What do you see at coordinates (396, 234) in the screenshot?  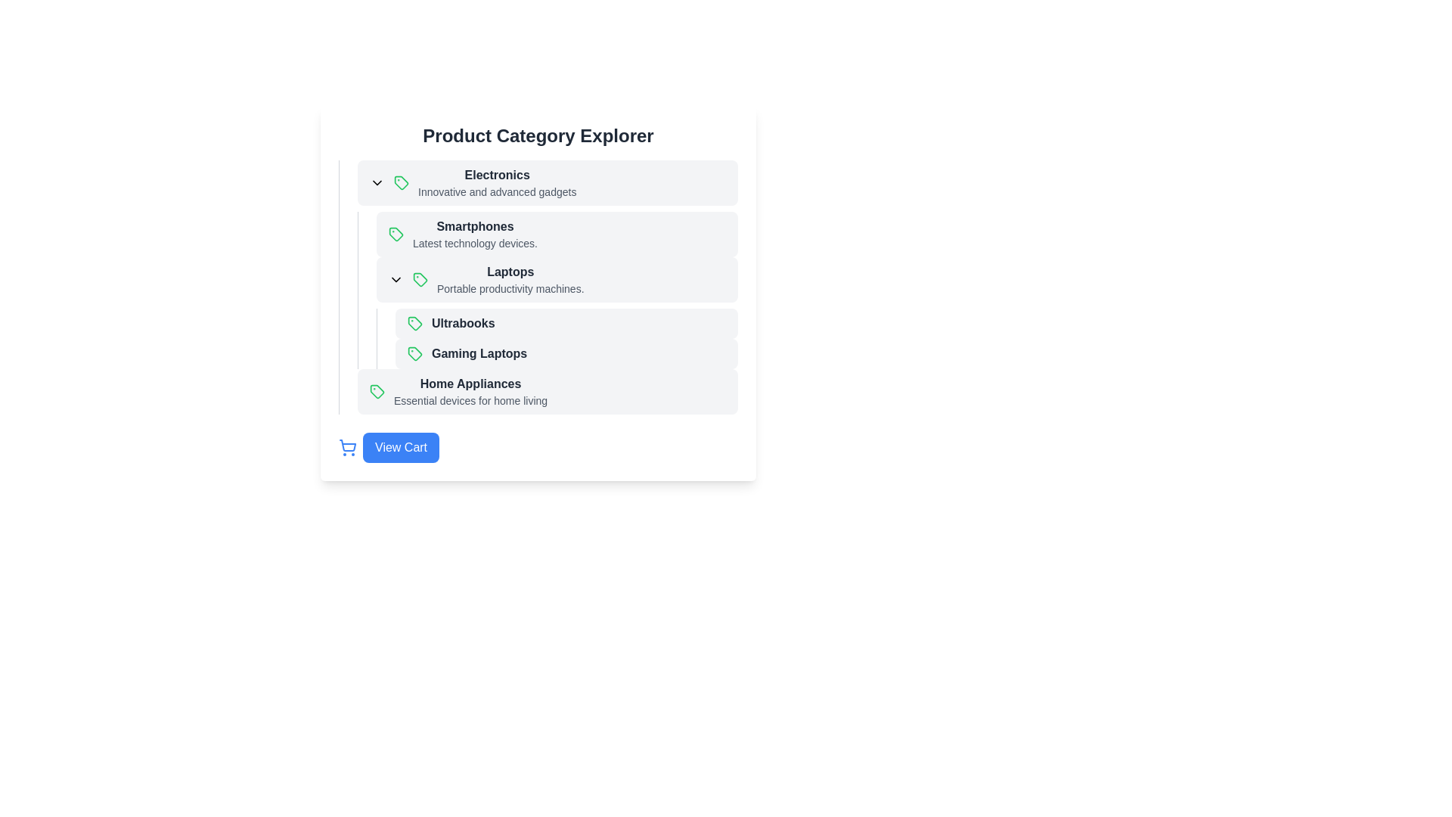 I see `the small price tag icon with a green outline located at the beginning of the 'Smartphones' list item in the 'Product Category Explorer' panel` at bounding box center [396, 234].